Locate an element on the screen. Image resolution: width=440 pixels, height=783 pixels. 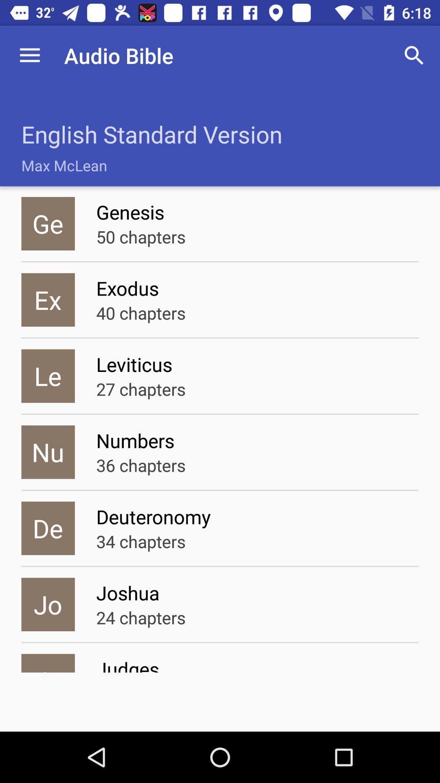
icon next to the ge is located at coordinates (141, 236).